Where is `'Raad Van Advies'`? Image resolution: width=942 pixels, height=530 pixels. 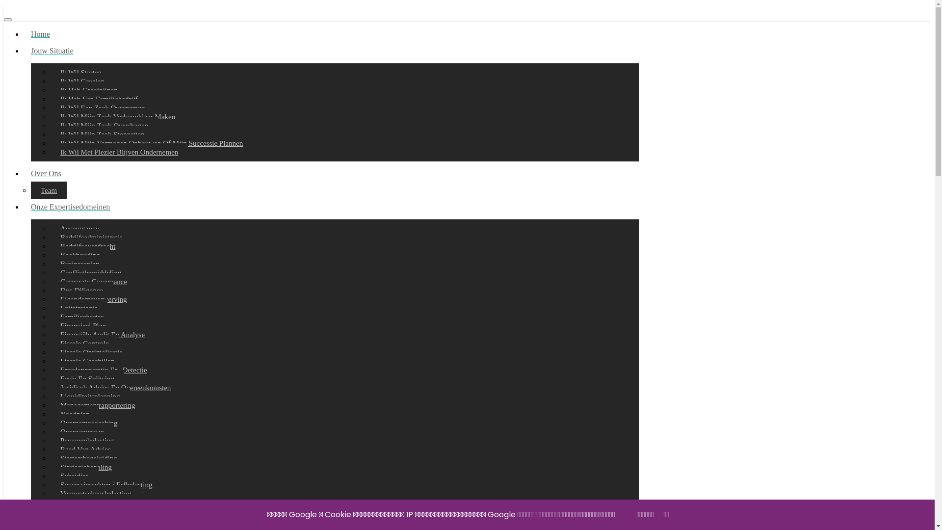 'Raad Van Advies' is located at coordinates (85, 449).